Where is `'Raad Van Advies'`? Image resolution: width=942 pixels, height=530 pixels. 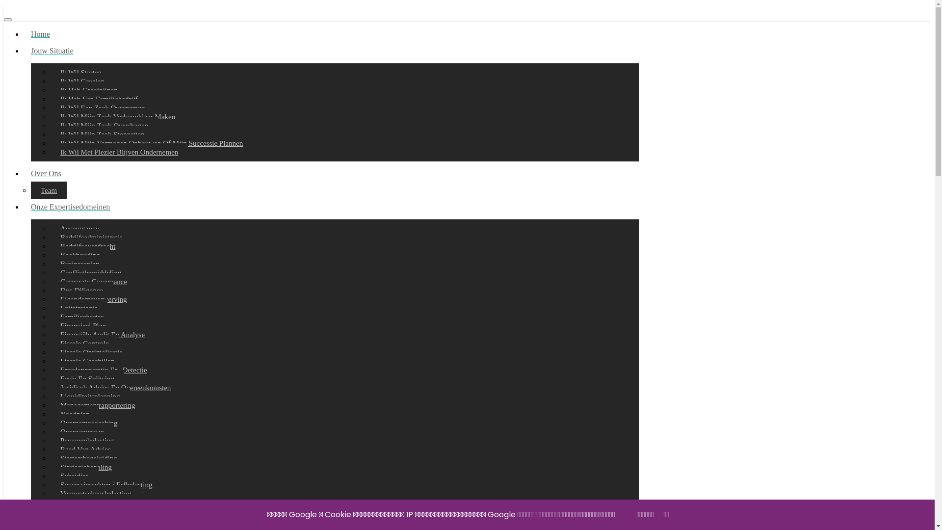 'Raad Van Advies' is located at coordinates (85, 449).